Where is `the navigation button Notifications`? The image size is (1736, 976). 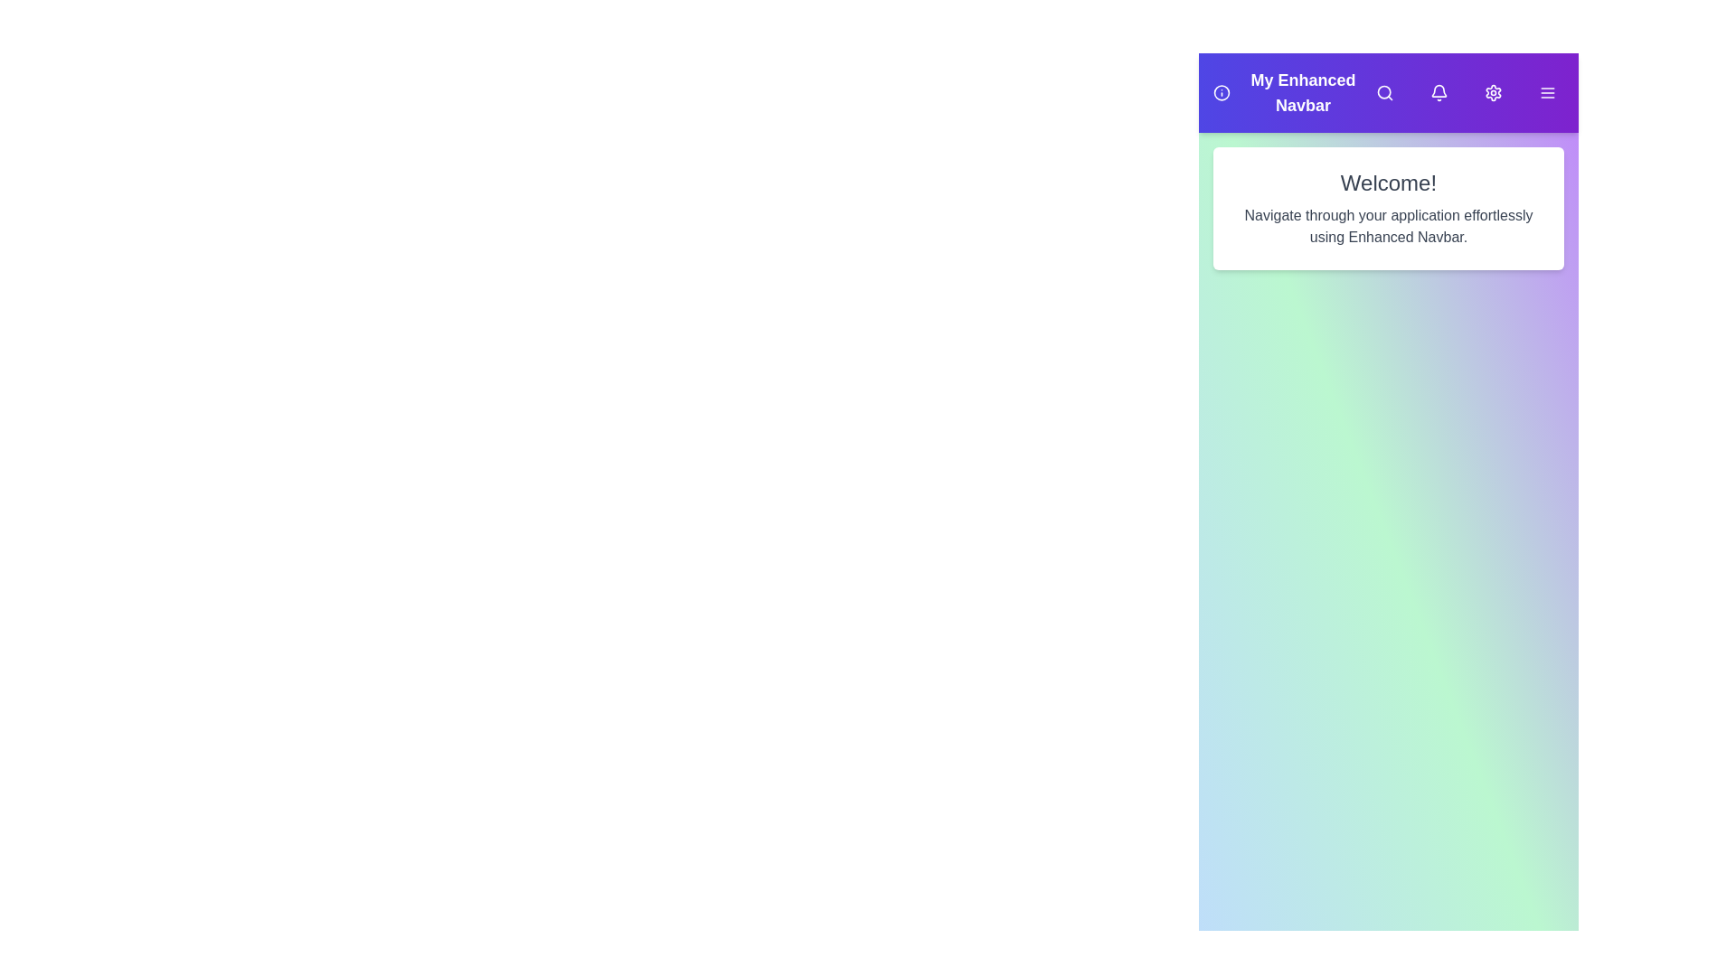 the navigation button Notifications is located at coordinates (1439, 93).